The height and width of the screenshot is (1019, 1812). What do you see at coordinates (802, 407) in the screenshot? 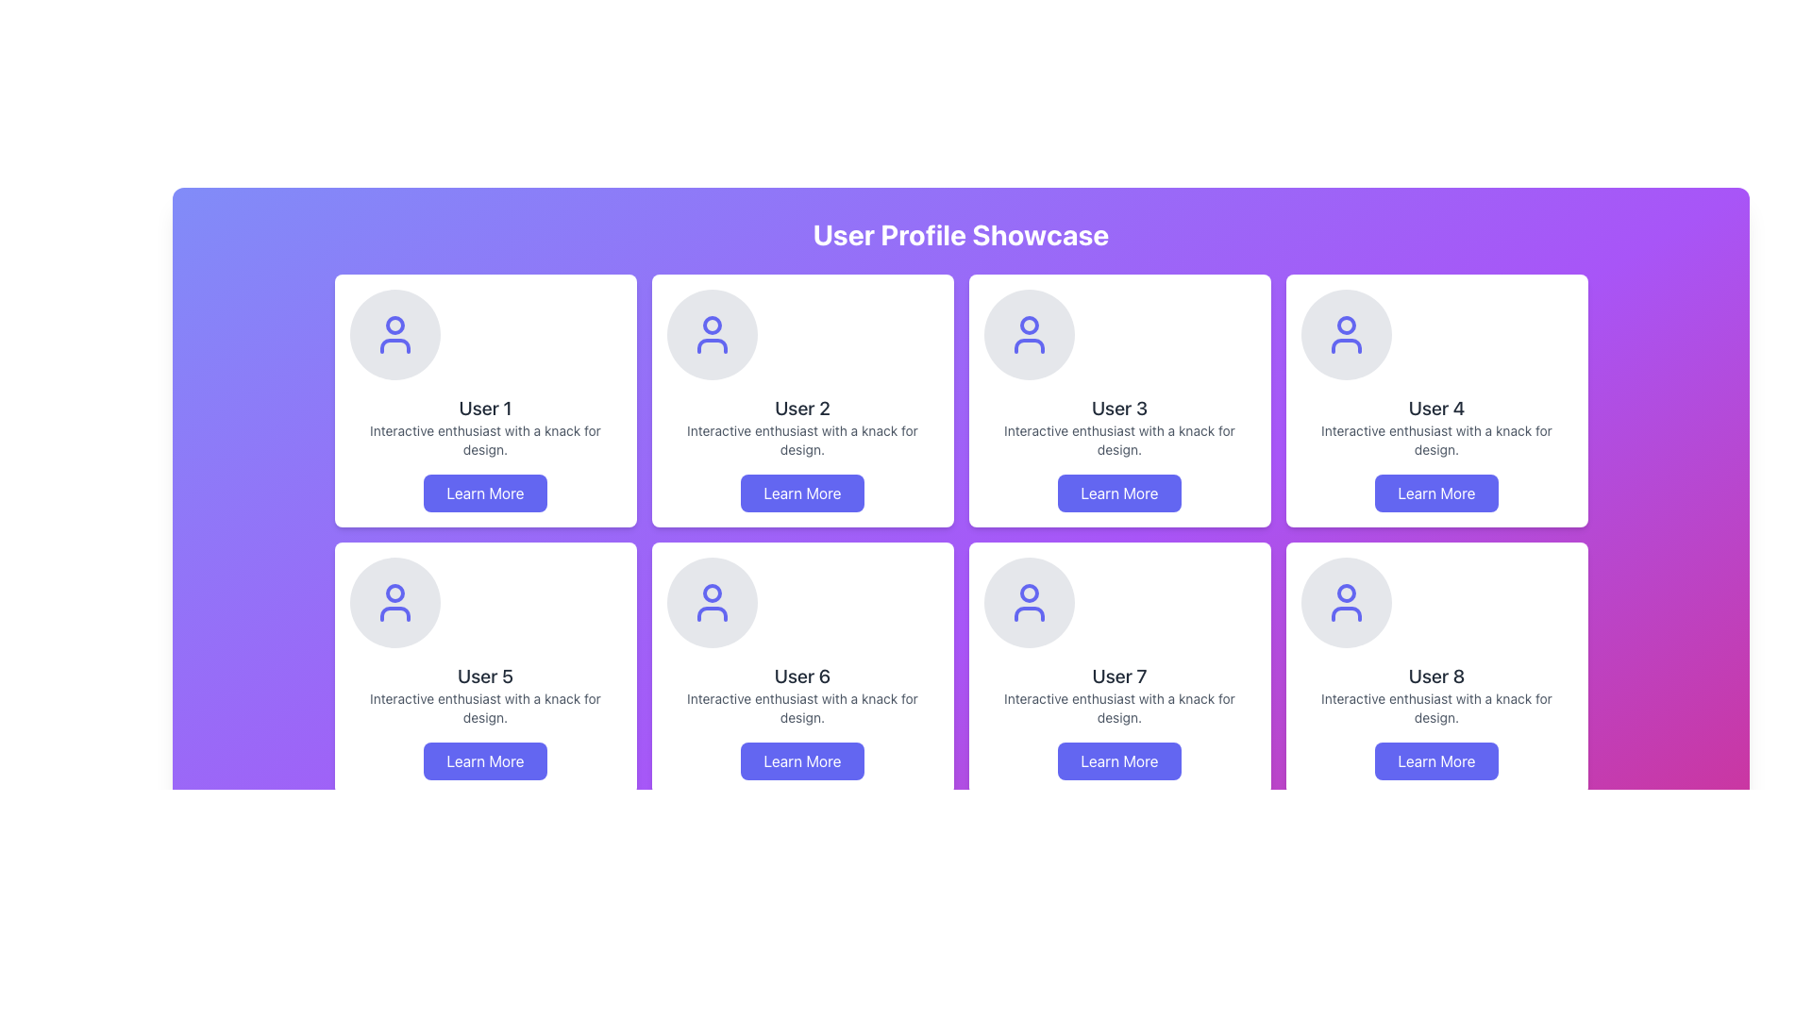
I see `static text label 'User 2' which is styled in a large, bold font and positioned centrally within the profile card, located in the second column of the first row in a grid layout` at bounding box center [802, 407].